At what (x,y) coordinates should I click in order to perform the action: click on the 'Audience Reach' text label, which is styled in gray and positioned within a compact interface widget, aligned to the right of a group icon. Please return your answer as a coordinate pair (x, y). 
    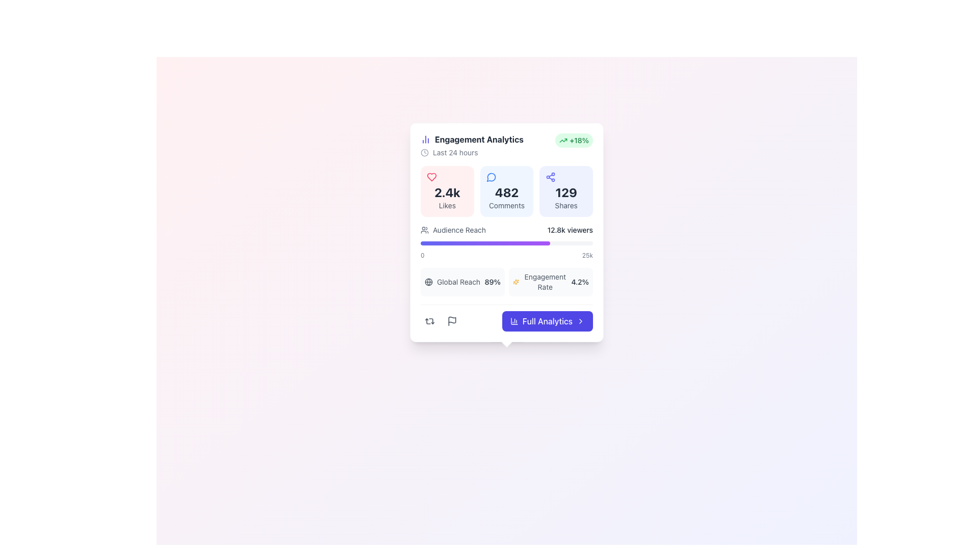
    Looking at the image, I should click on (458, 230).